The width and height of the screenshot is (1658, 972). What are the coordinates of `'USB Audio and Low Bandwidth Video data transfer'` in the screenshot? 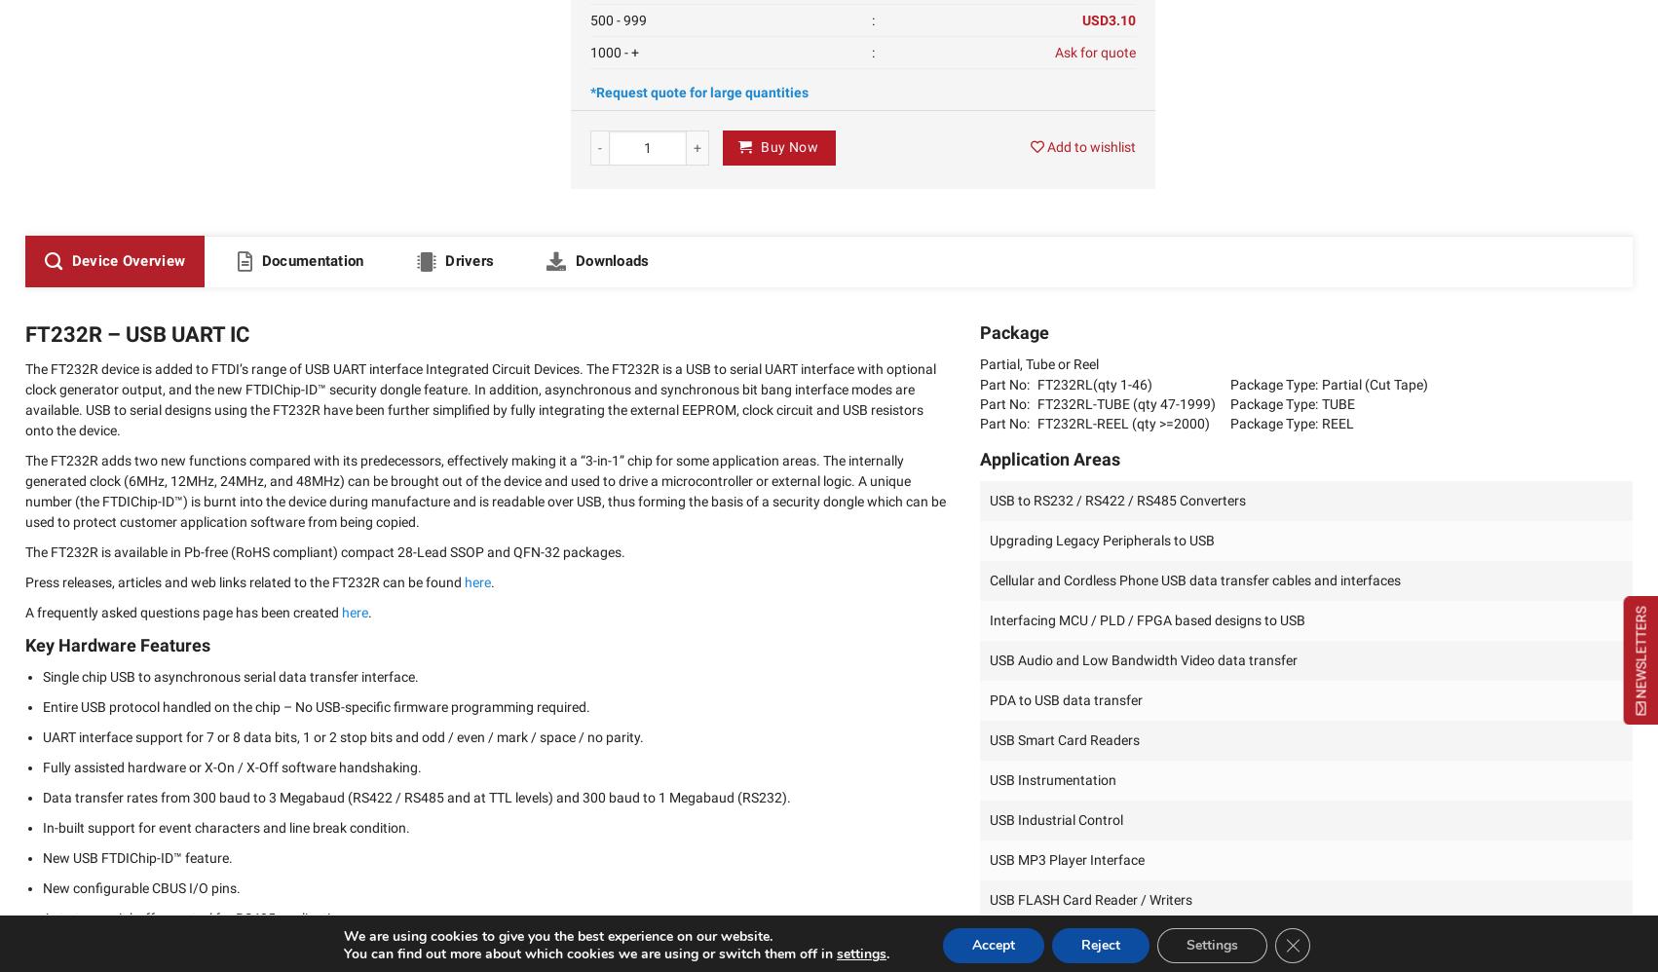 It's located at (1143, 659).